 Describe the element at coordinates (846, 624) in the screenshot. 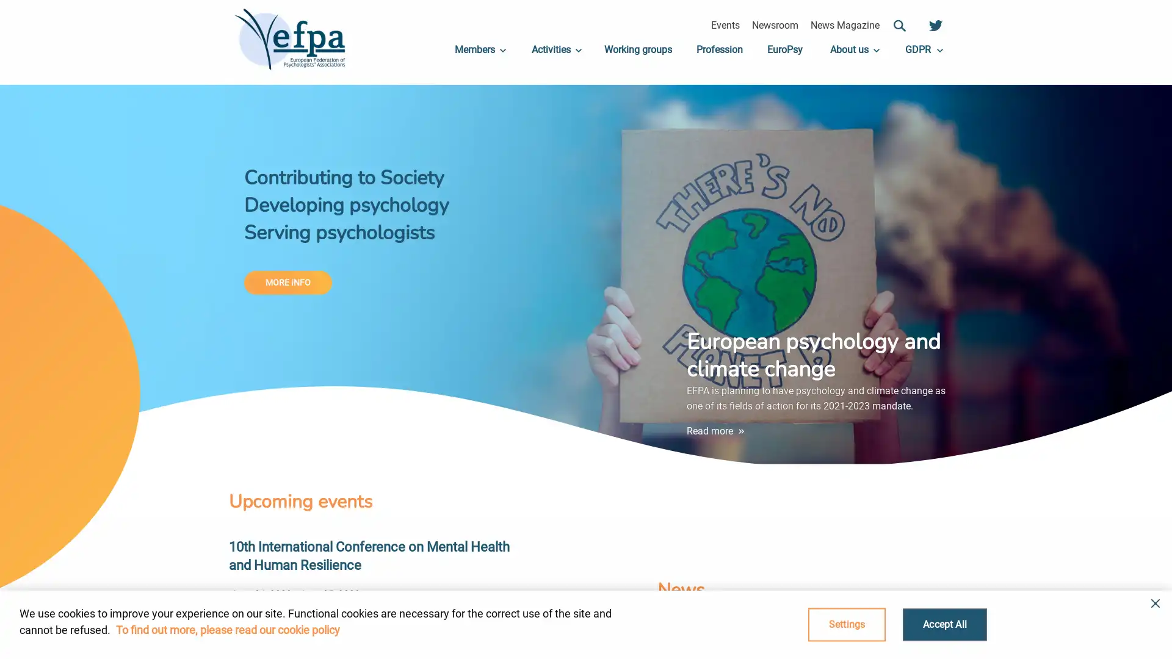

I see `Settings` at that location.